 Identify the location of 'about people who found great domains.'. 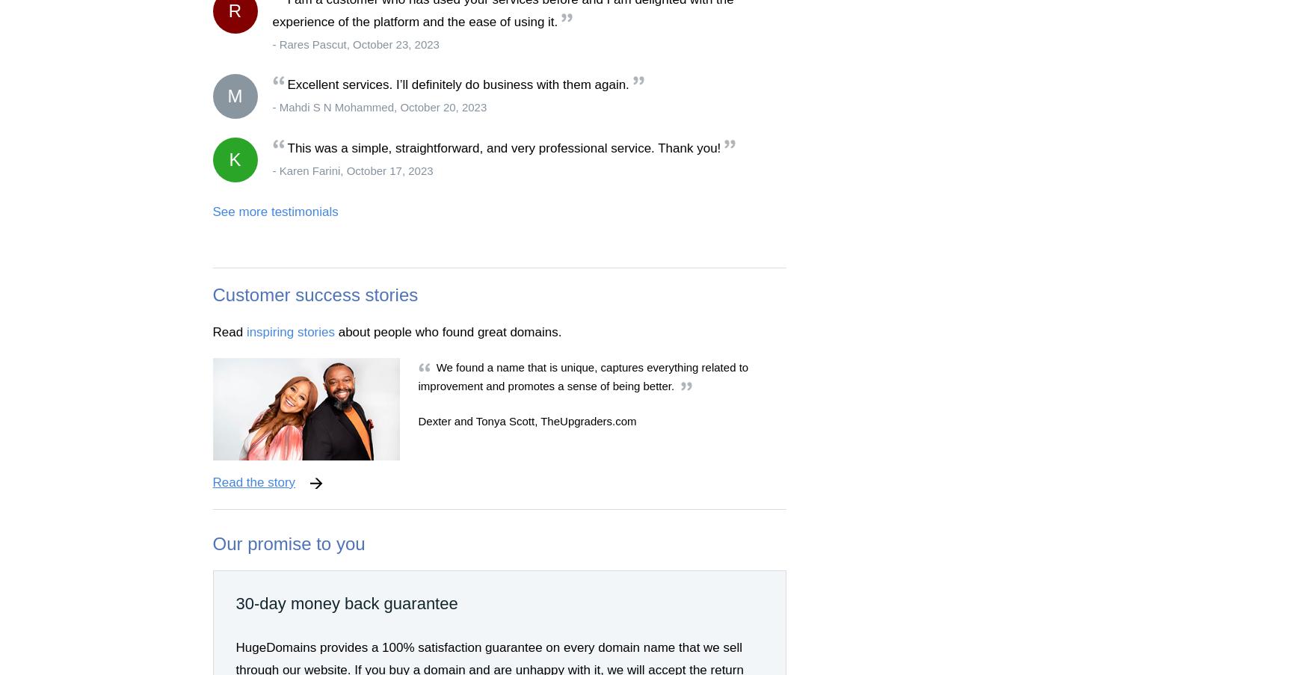
(447, 330).